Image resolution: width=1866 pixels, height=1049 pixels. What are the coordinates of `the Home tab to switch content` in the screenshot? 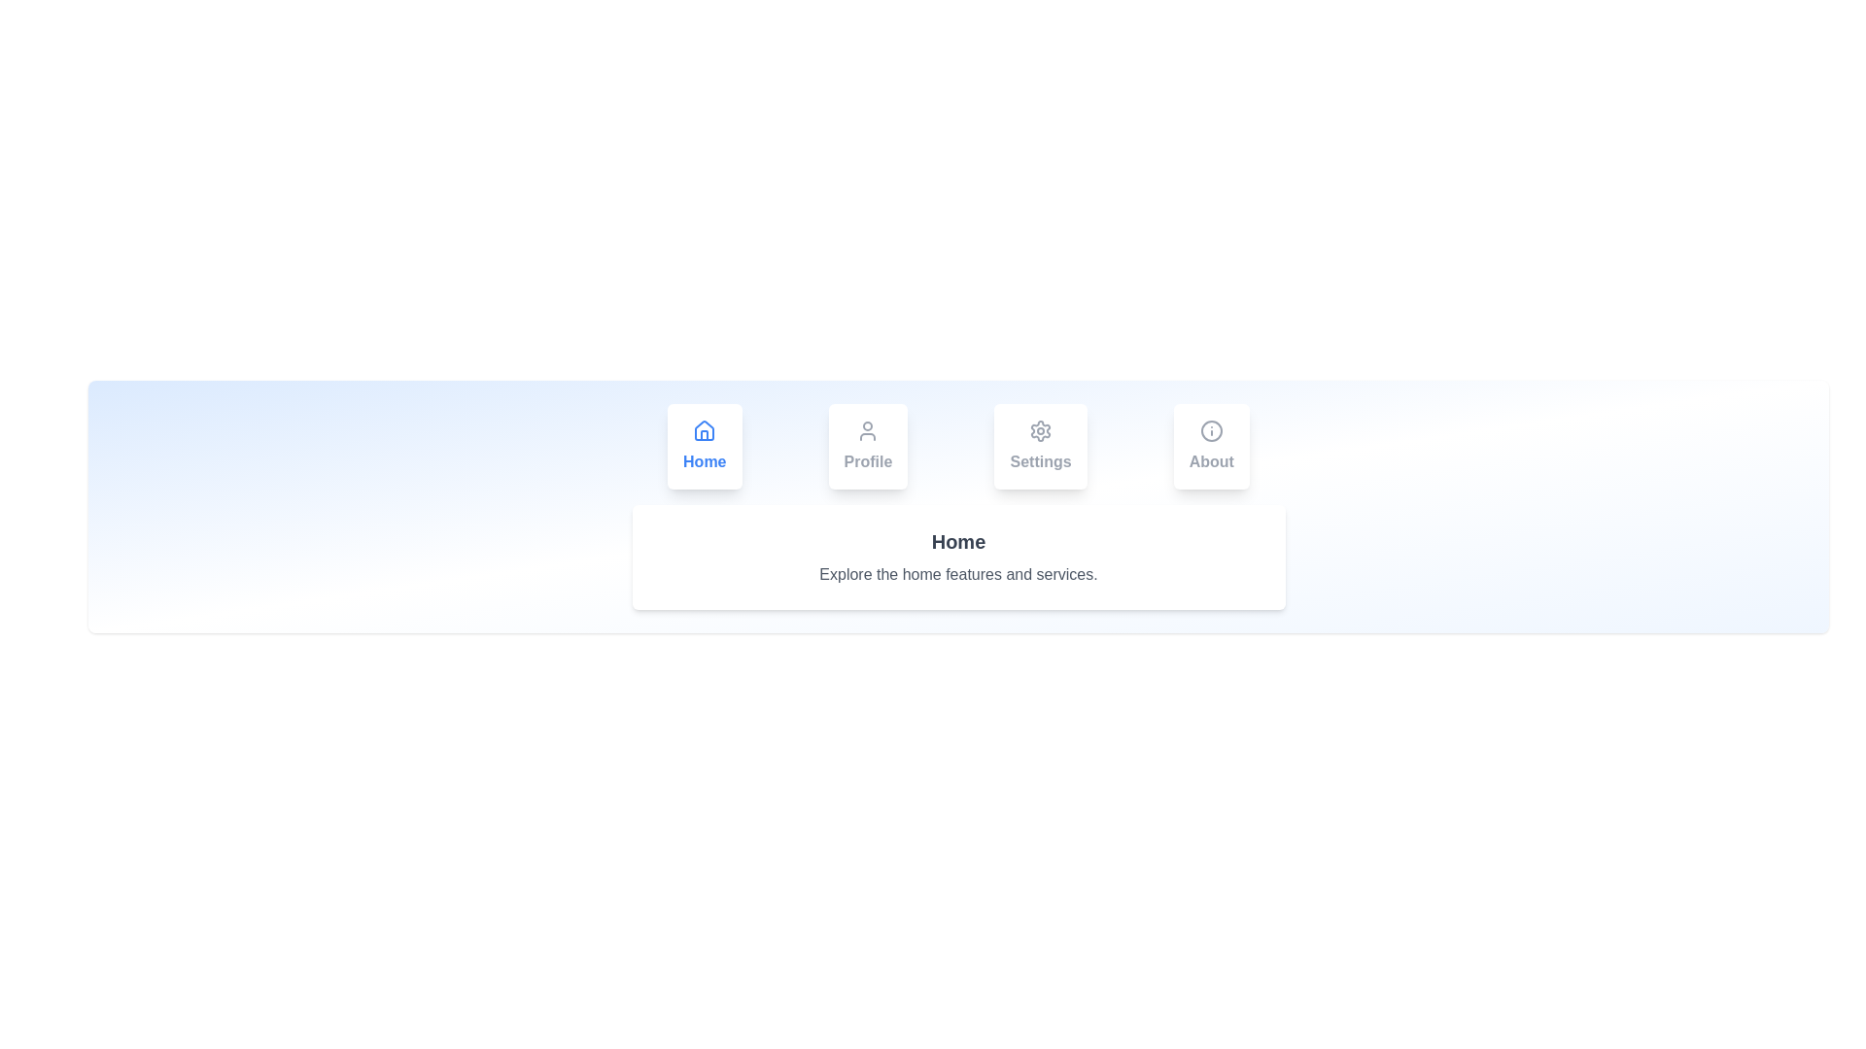 It's located at (704, 446).